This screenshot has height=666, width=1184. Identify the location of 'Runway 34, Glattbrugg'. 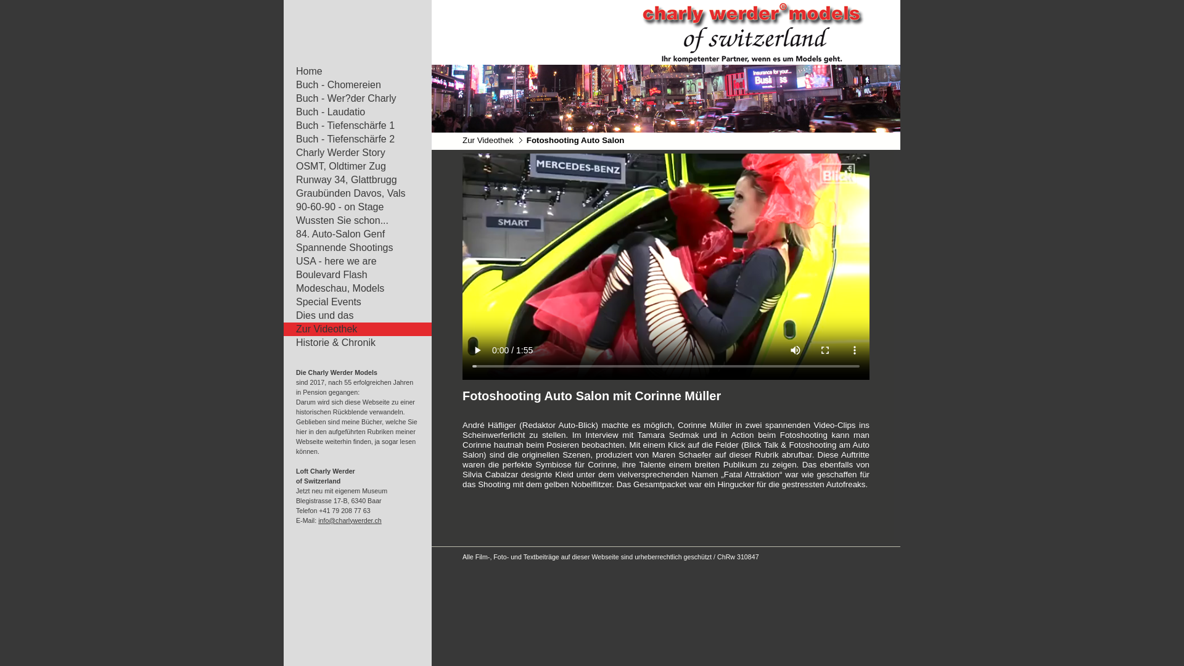
(351, 180).